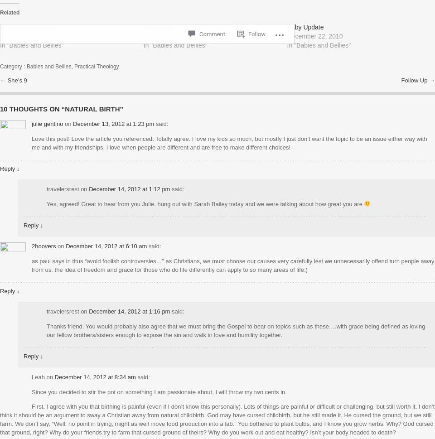 The width and height of the screenshot is (435, 439). I want to click on 'December 14, 2012 at 1:16 pm', so click(129, 310).